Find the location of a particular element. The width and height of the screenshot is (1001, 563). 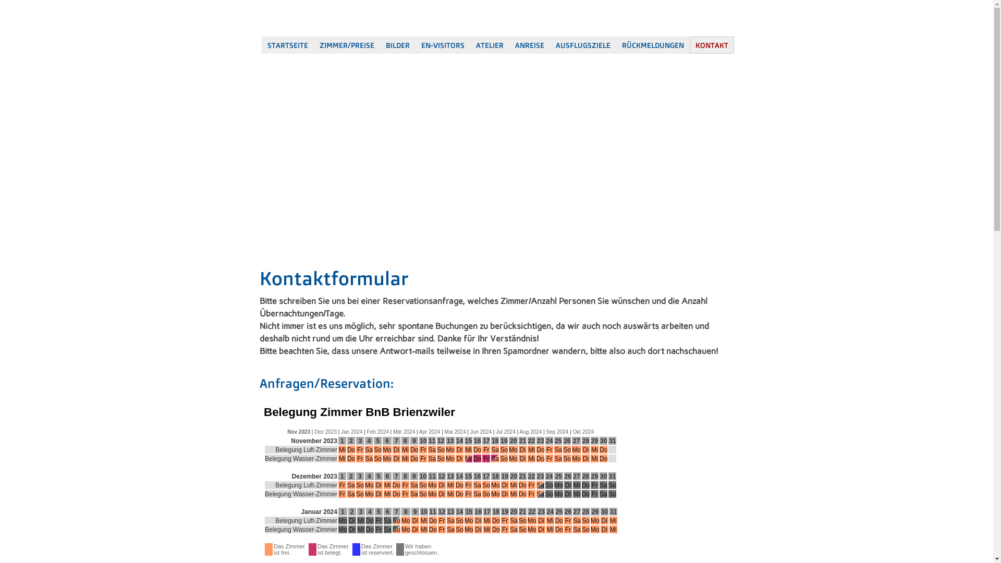

'AUSFLUGSZIELE' is located at coordinates (549, 44).